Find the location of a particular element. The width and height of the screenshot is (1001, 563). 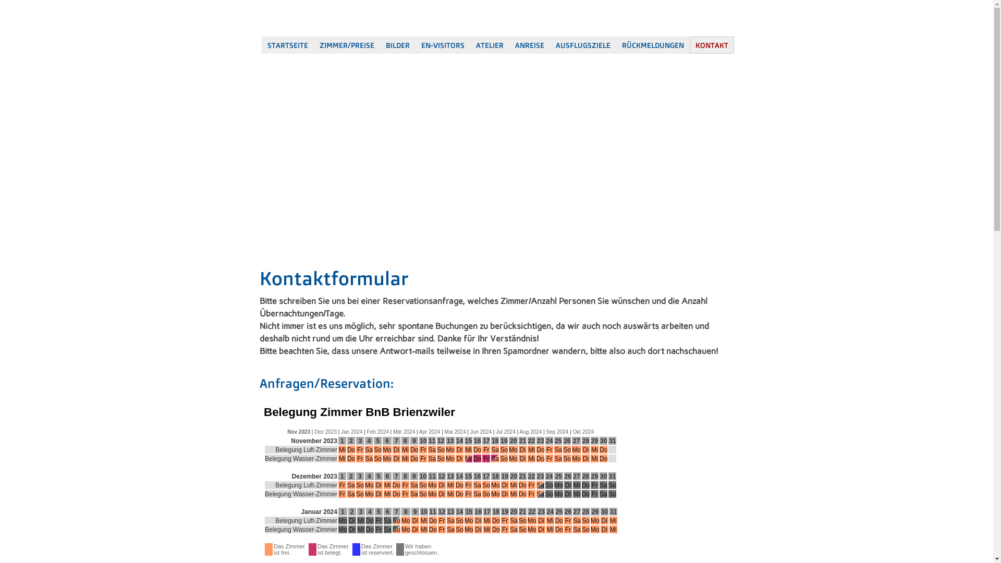

'AUSFLUGSZIELE' is located at coordinates (549, 44).